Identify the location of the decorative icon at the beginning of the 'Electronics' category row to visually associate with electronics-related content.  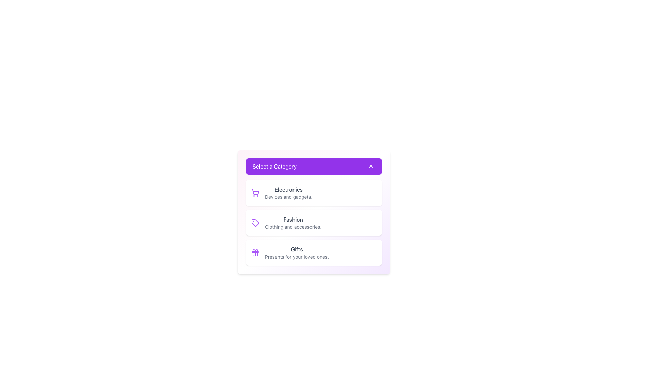
(255, 193).